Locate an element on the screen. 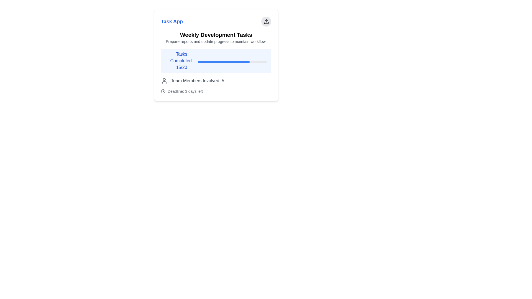  the 'Task App' text display, which is styled with a blue bold font and prominently positioned at the top of the card is located at coordinates (172, 21).